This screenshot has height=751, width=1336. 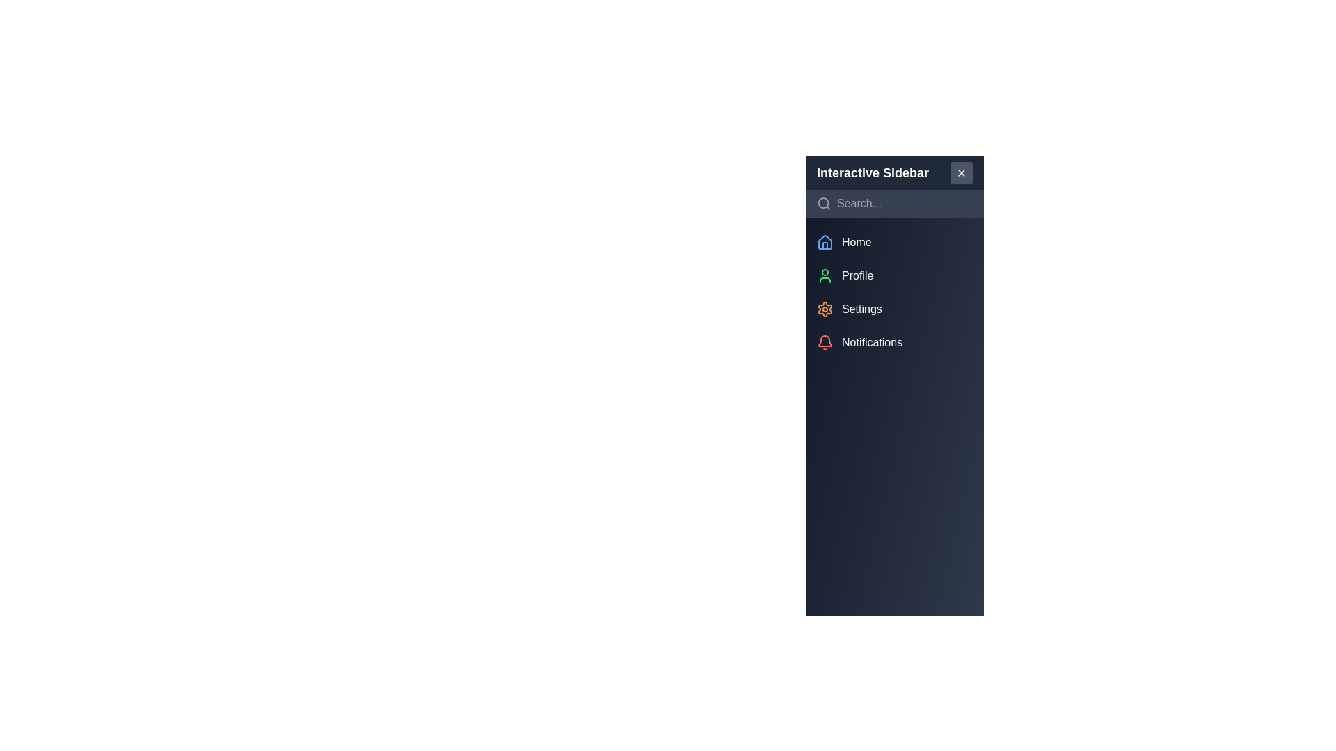 What do you see at coordinates (825, 308) in the screenshot?
I see `the 'Settings' icon in the sidebar` at bounding box center [825, 308].